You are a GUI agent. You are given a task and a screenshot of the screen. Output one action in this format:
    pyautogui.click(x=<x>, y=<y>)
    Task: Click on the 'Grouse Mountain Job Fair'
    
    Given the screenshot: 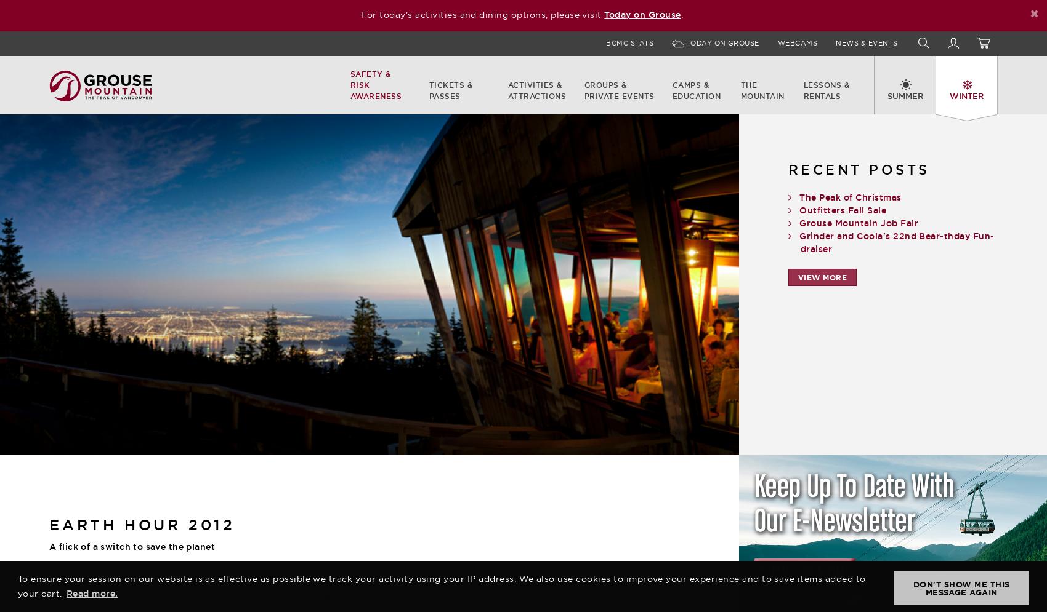 What is the action you would take?
    pyautogui.click(x=858, y=223)
    